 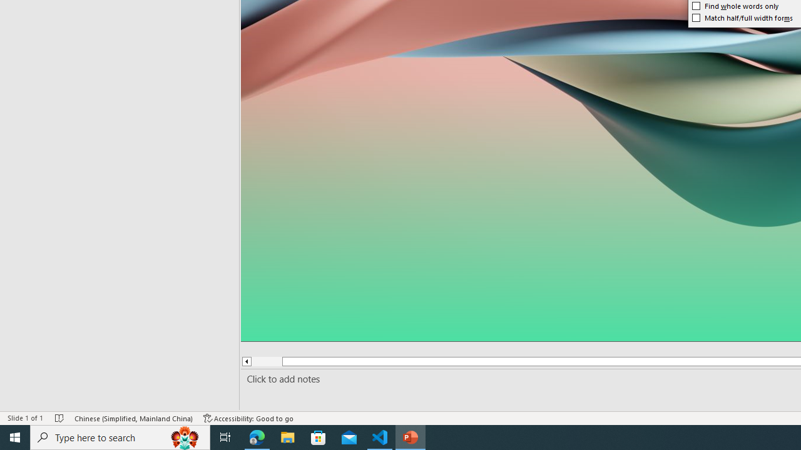 I want to click on 'Line up', so click(x=246, y=361).